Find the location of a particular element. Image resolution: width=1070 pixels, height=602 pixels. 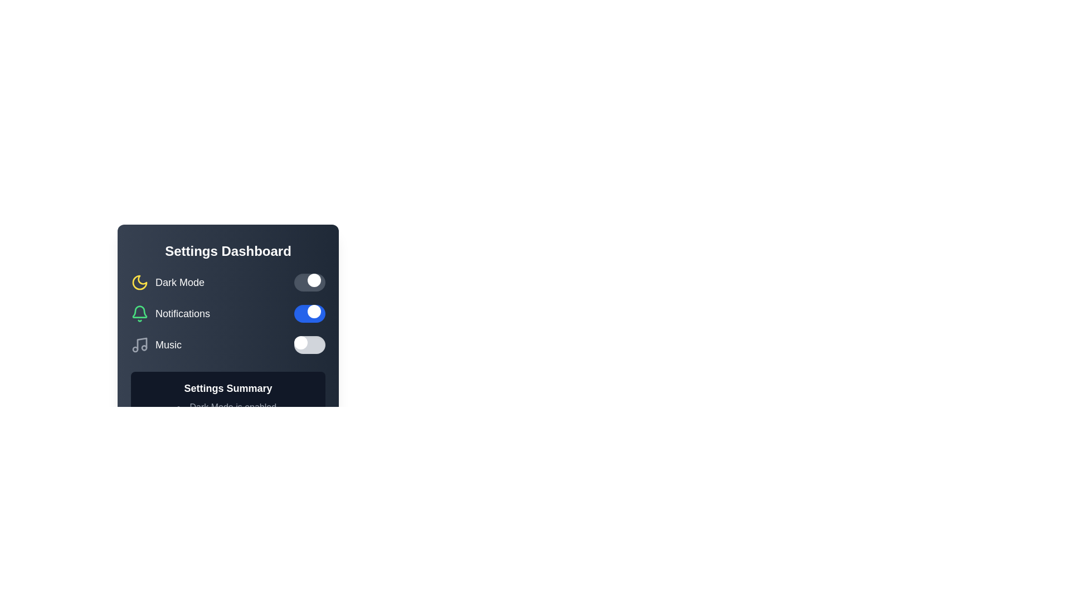

the blue toggle switch indicating 'on' state, located to the right of the 'Notifications' label in the 'Settings Dashboard' section is located at coordinates (310, 314).